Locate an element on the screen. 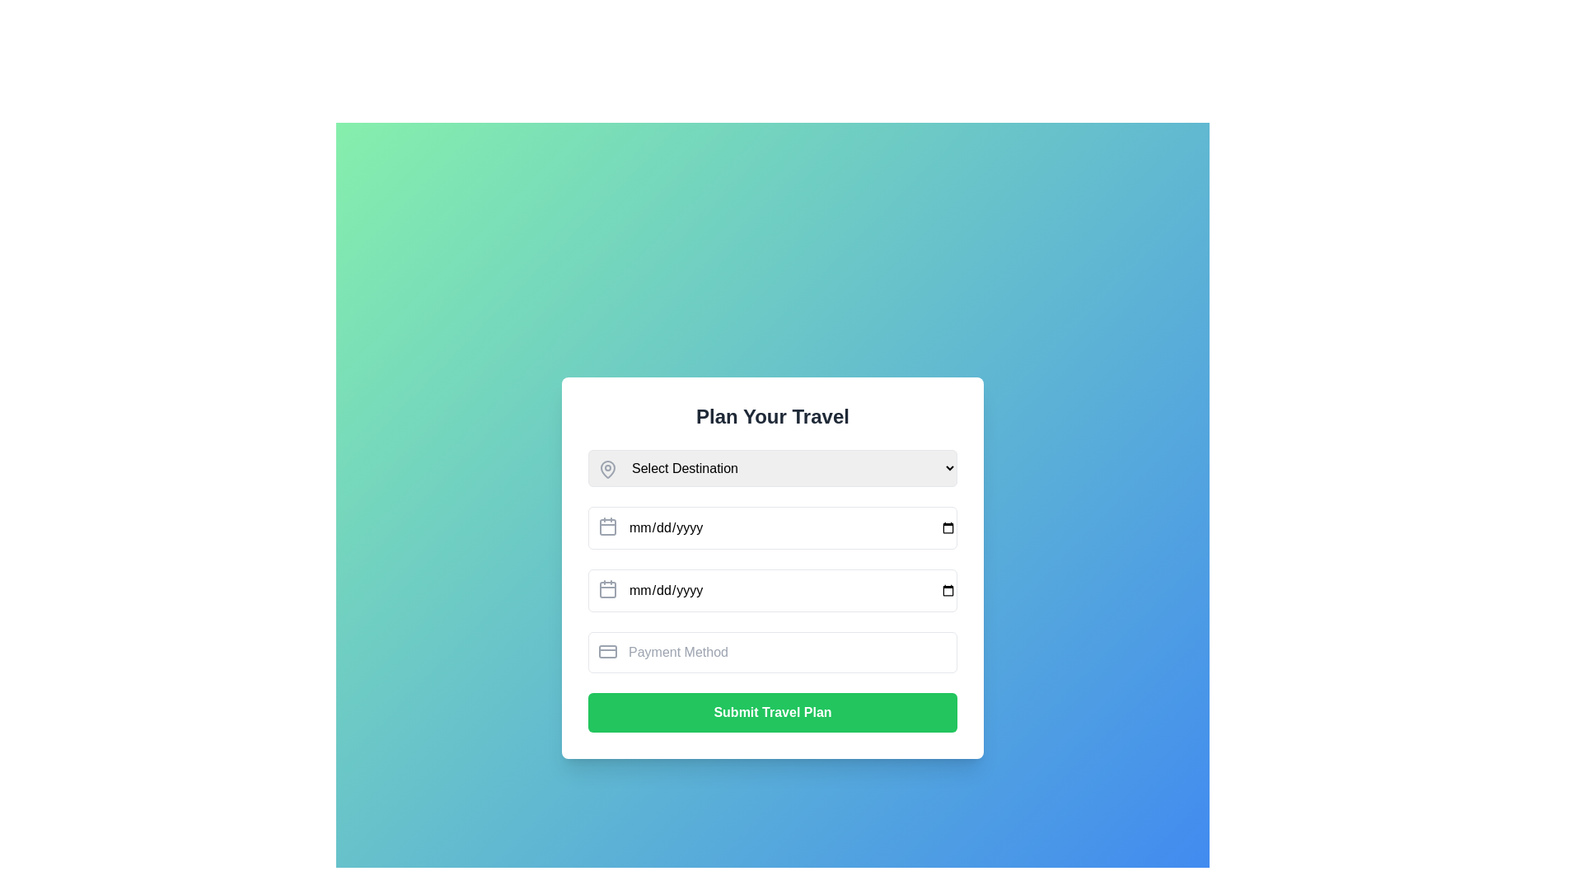 The height and width of the screenshot is (890, 1582). the minimalist gray calendar icon located to the left of the 'mm/dd/yyyy' text input box in the second row of the form is located at coordinates (607, 526).